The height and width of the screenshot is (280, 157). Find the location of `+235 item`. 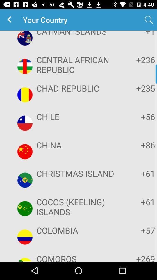

+235 item is located at coordinates (137, 88).